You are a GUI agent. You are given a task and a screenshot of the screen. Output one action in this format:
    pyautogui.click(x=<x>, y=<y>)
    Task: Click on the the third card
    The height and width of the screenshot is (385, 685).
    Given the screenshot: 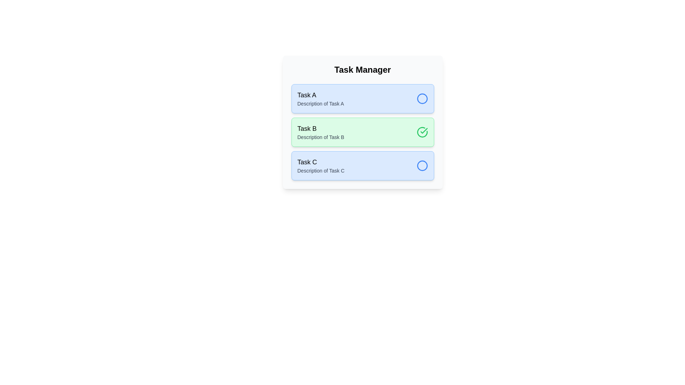 What is the action you would take?
    pyautogui.click(x=362, y=166)
    